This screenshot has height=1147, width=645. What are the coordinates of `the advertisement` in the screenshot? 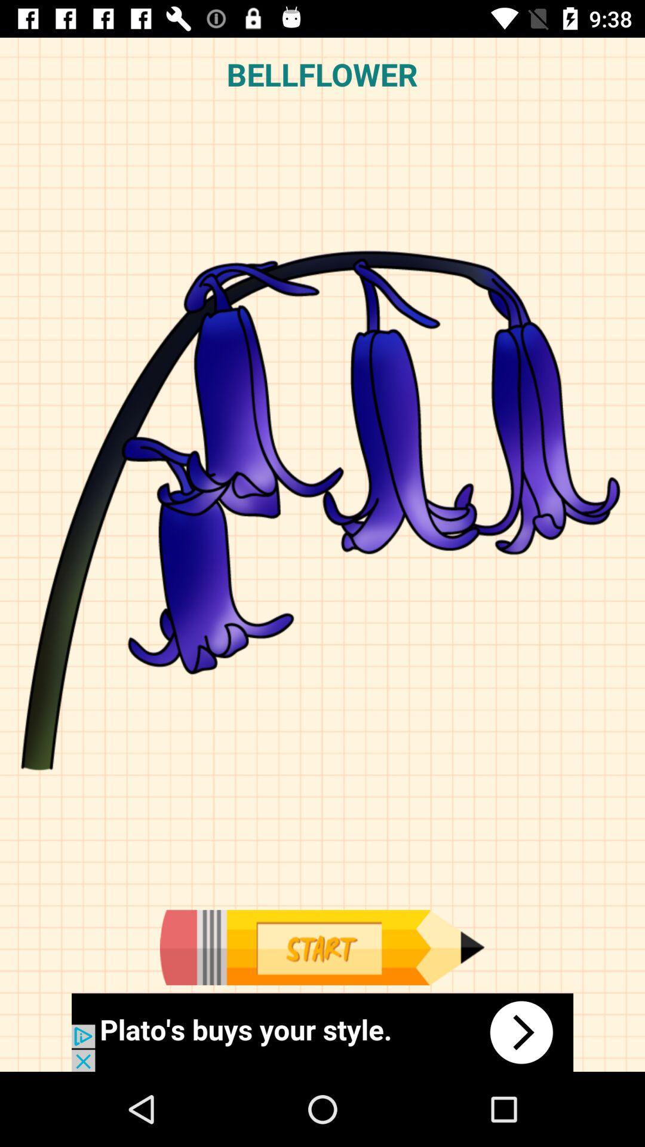 It's located at (322, 1032).